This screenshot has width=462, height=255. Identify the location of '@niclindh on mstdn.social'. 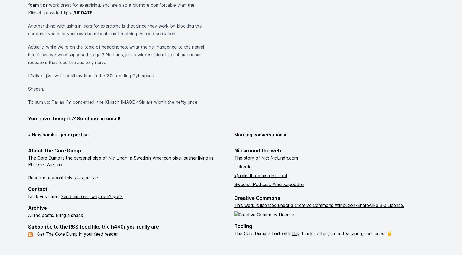
(260, 175).